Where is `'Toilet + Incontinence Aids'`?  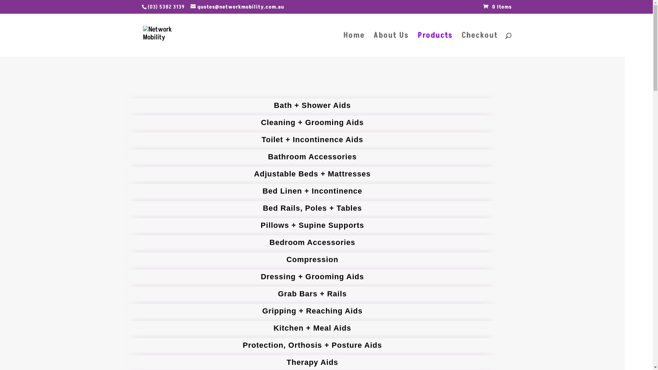
'Toilet + Incontinence Aids' is located at coordinates (312, 139).